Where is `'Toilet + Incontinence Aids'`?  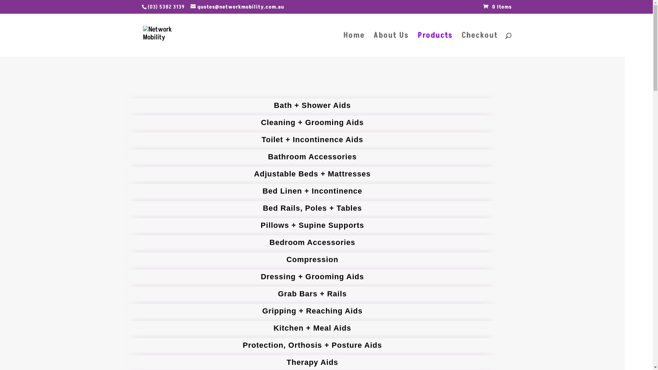
'Toilet + Incontinence Aids' is located at coordinates (312, 139).